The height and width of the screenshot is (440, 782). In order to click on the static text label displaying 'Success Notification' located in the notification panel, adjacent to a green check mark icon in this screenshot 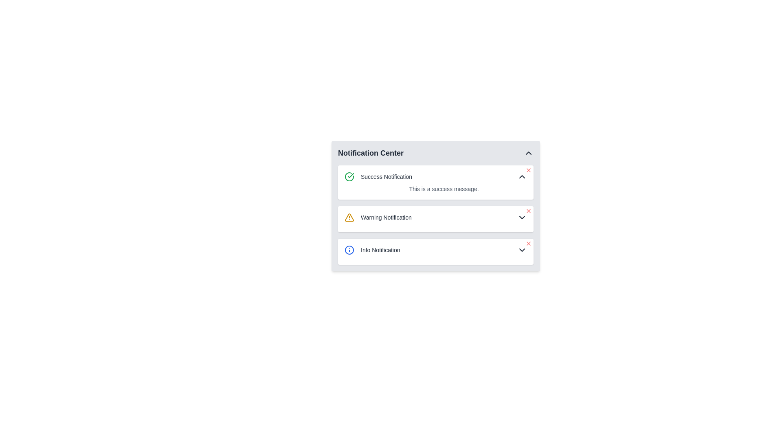, I will do `click(386, 176)`.